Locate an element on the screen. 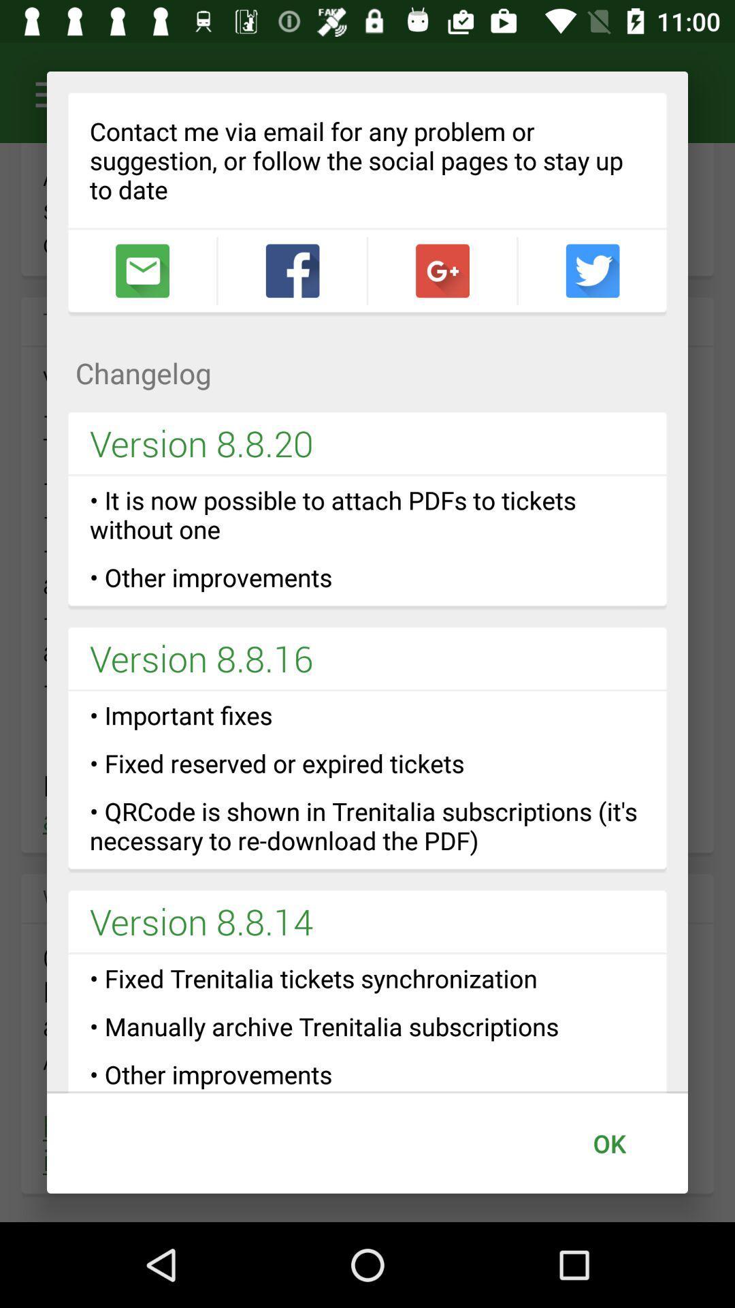  item above changelog is located at coordinates (591, 270).